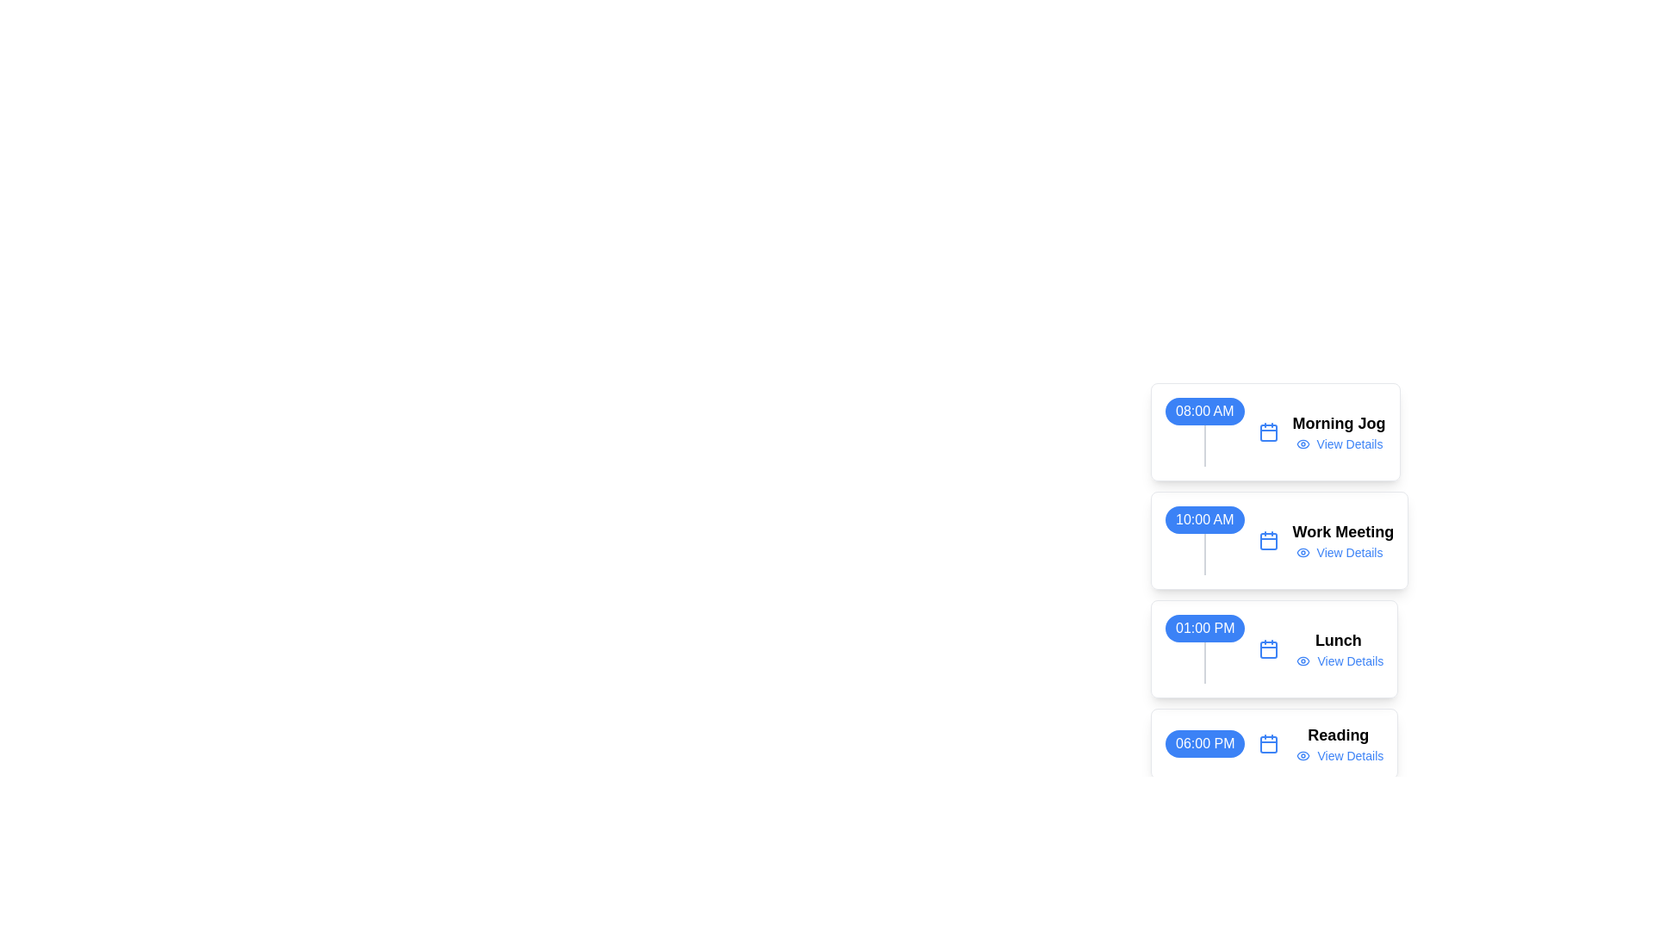  What do you see at coordinates (1268, 540) in the screenshot?
I see `the calendar icon representing the date associated with the 'Work Meeting' to access further details about the event` at bounding box center [1268, 540].